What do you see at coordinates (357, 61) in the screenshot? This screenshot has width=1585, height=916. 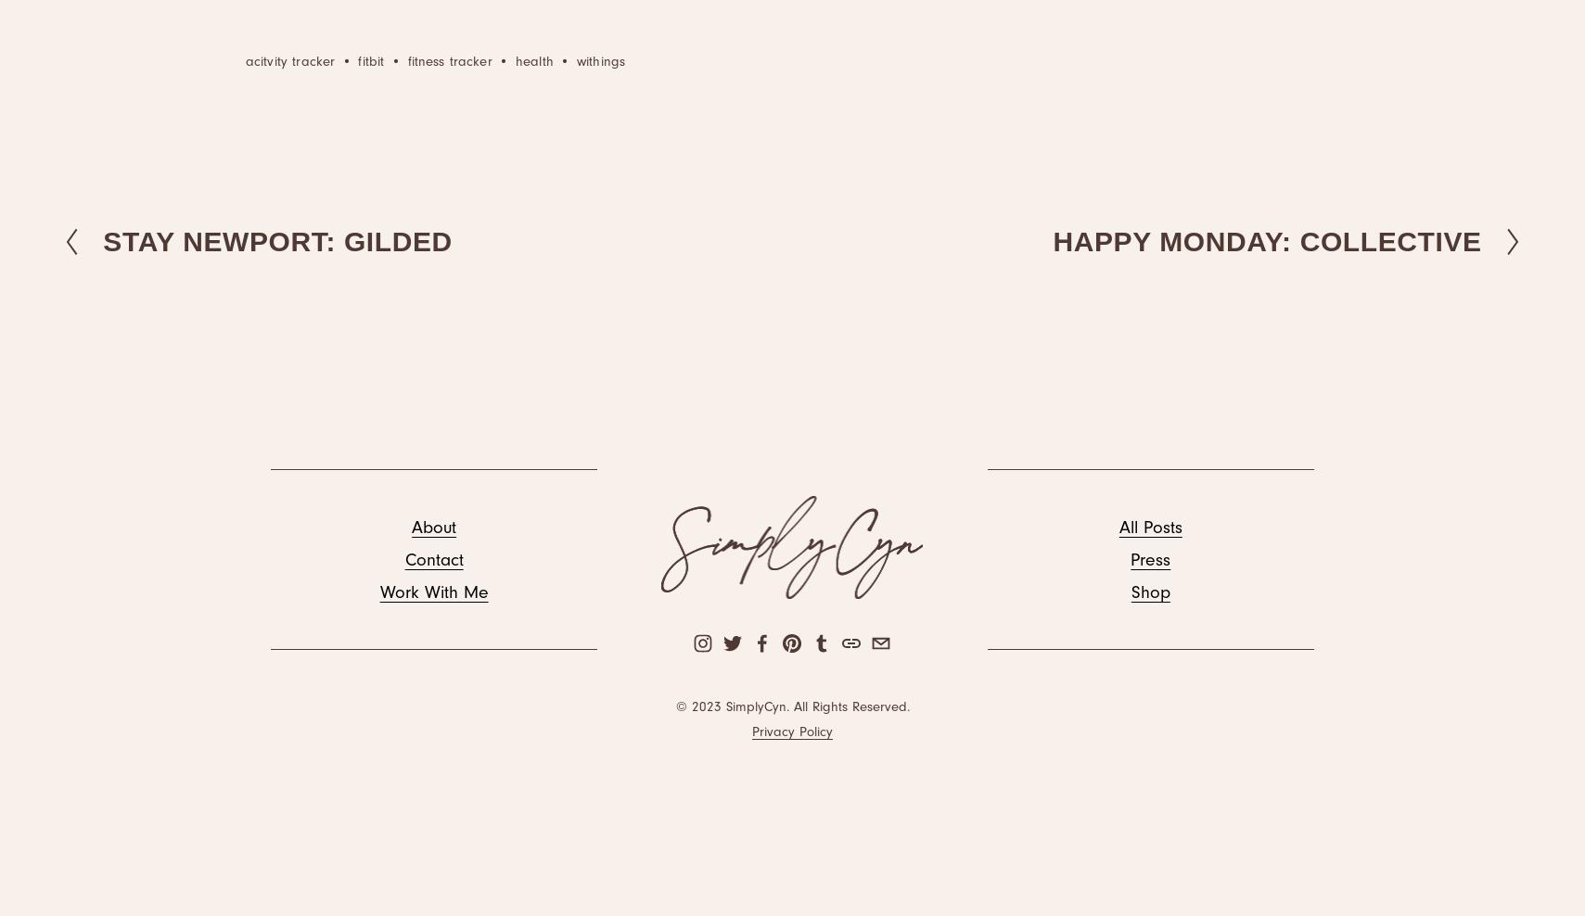 I see `'fitbit'` at bounding box center [357, 61].